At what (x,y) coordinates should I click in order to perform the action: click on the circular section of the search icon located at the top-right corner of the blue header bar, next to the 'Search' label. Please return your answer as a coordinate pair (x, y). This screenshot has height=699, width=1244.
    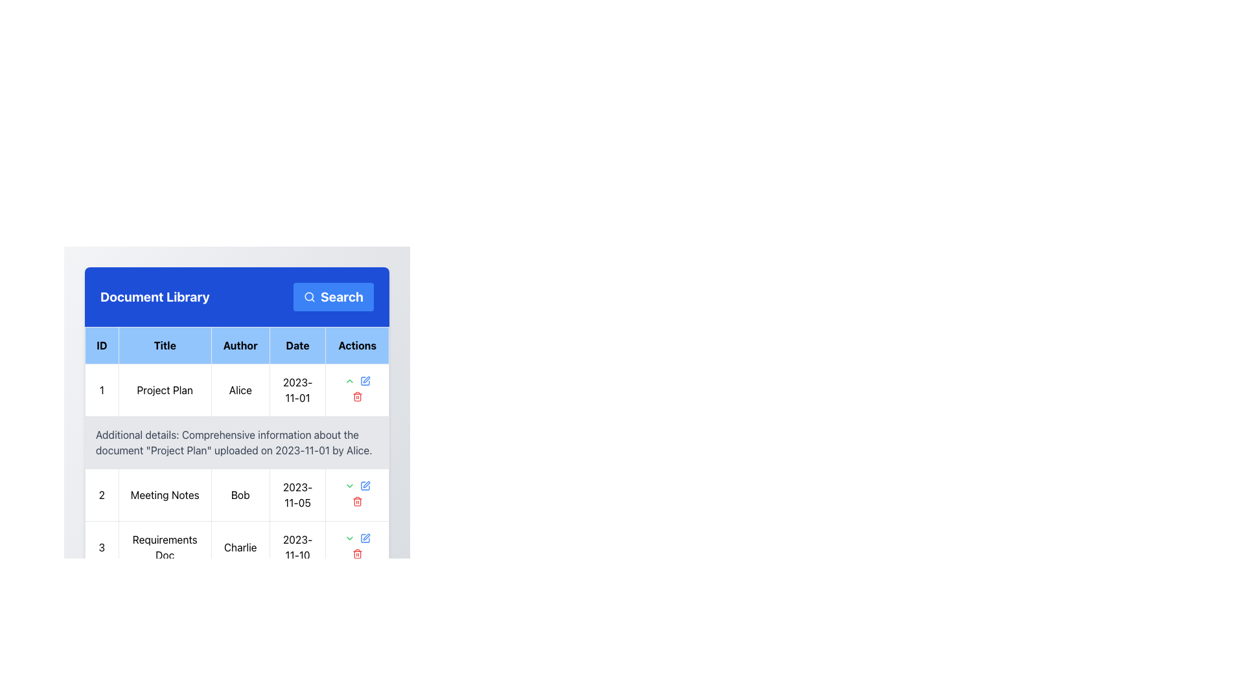
    Looking at the image, I should click on (308, 296).